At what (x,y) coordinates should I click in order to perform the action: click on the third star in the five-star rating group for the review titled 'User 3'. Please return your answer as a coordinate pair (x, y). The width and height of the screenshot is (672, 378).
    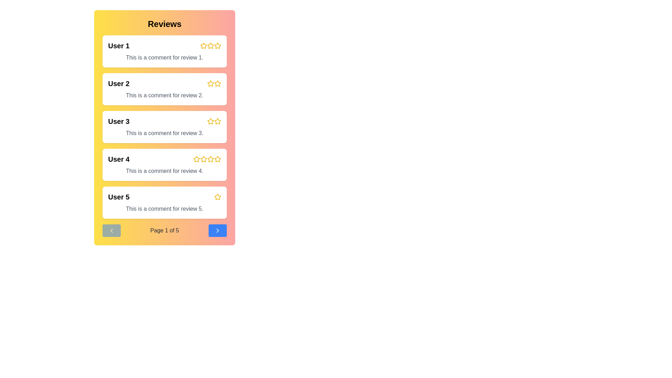
    Looking at the image, I should click on (210, 121).